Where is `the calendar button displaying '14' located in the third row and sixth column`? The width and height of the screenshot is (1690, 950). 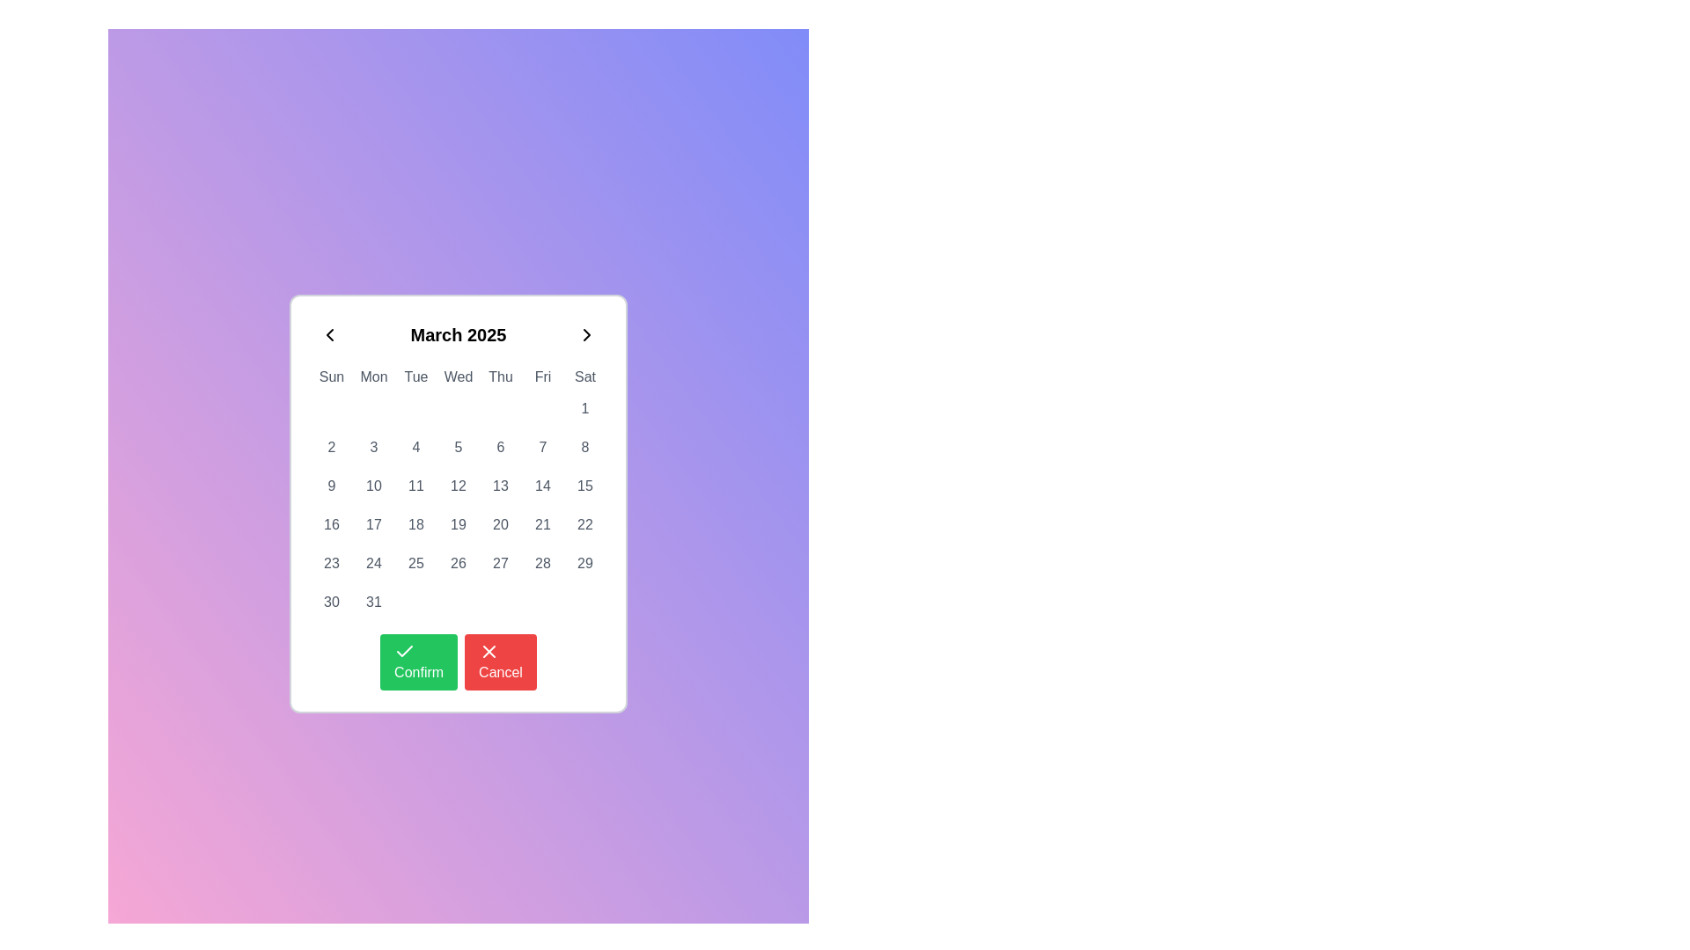
the calendar button displaying '14' located in the third row and sixth column is located at coordinates (542, 486).